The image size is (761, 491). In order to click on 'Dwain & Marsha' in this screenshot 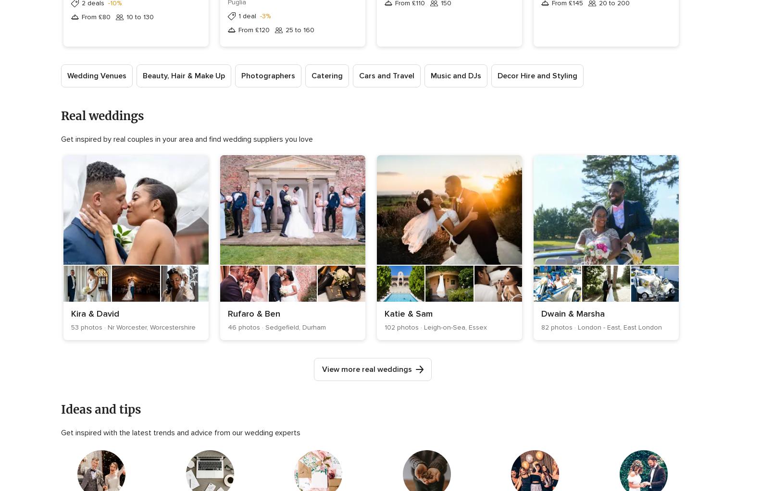, I will do `click(572, 313)`.